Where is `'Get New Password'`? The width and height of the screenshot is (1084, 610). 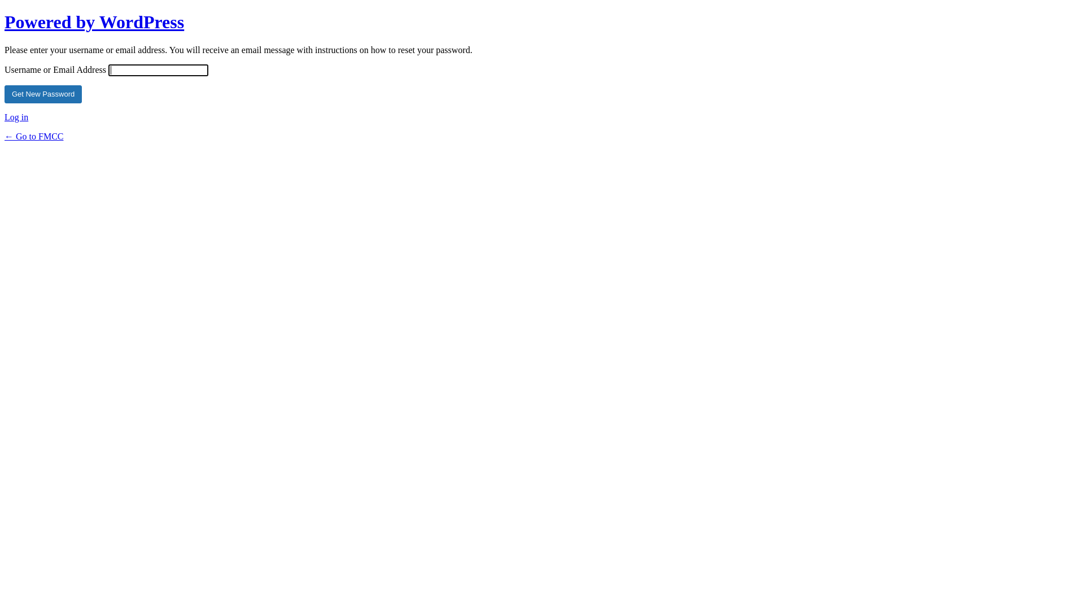 'Get New Password' is located at coordinates (43, 93).